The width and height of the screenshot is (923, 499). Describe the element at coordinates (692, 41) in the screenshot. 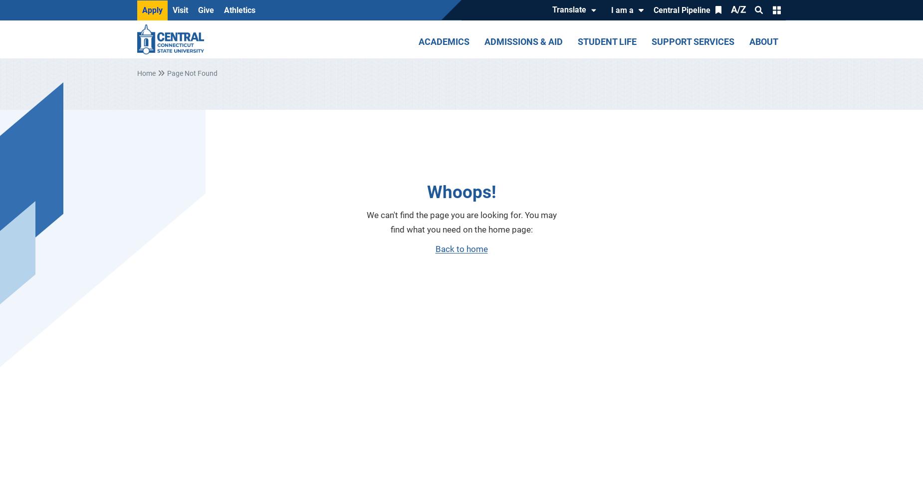

I see `'Support Services'` at that location.